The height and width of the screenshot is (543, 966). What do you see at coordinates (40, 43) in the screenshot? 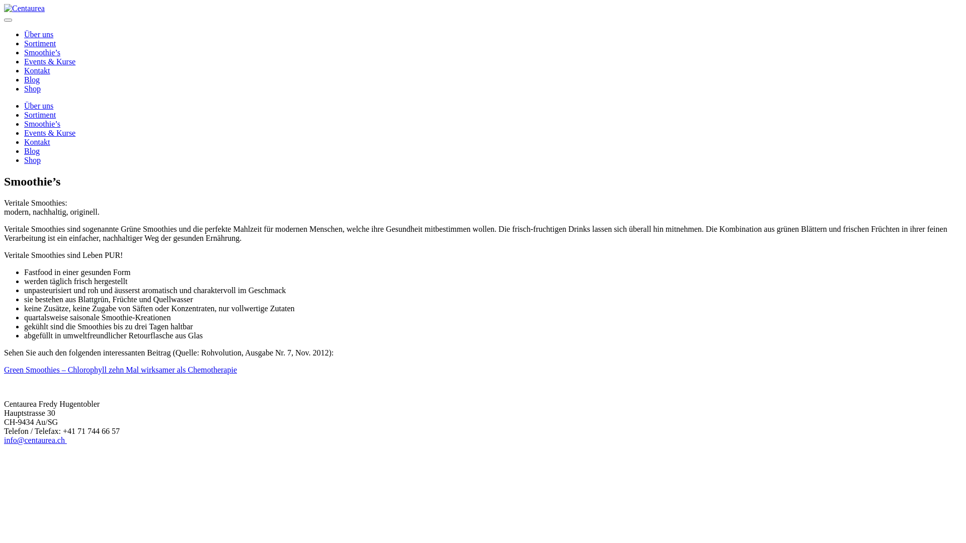
I see `'Sortiment'` at bounding box center [40, 43].